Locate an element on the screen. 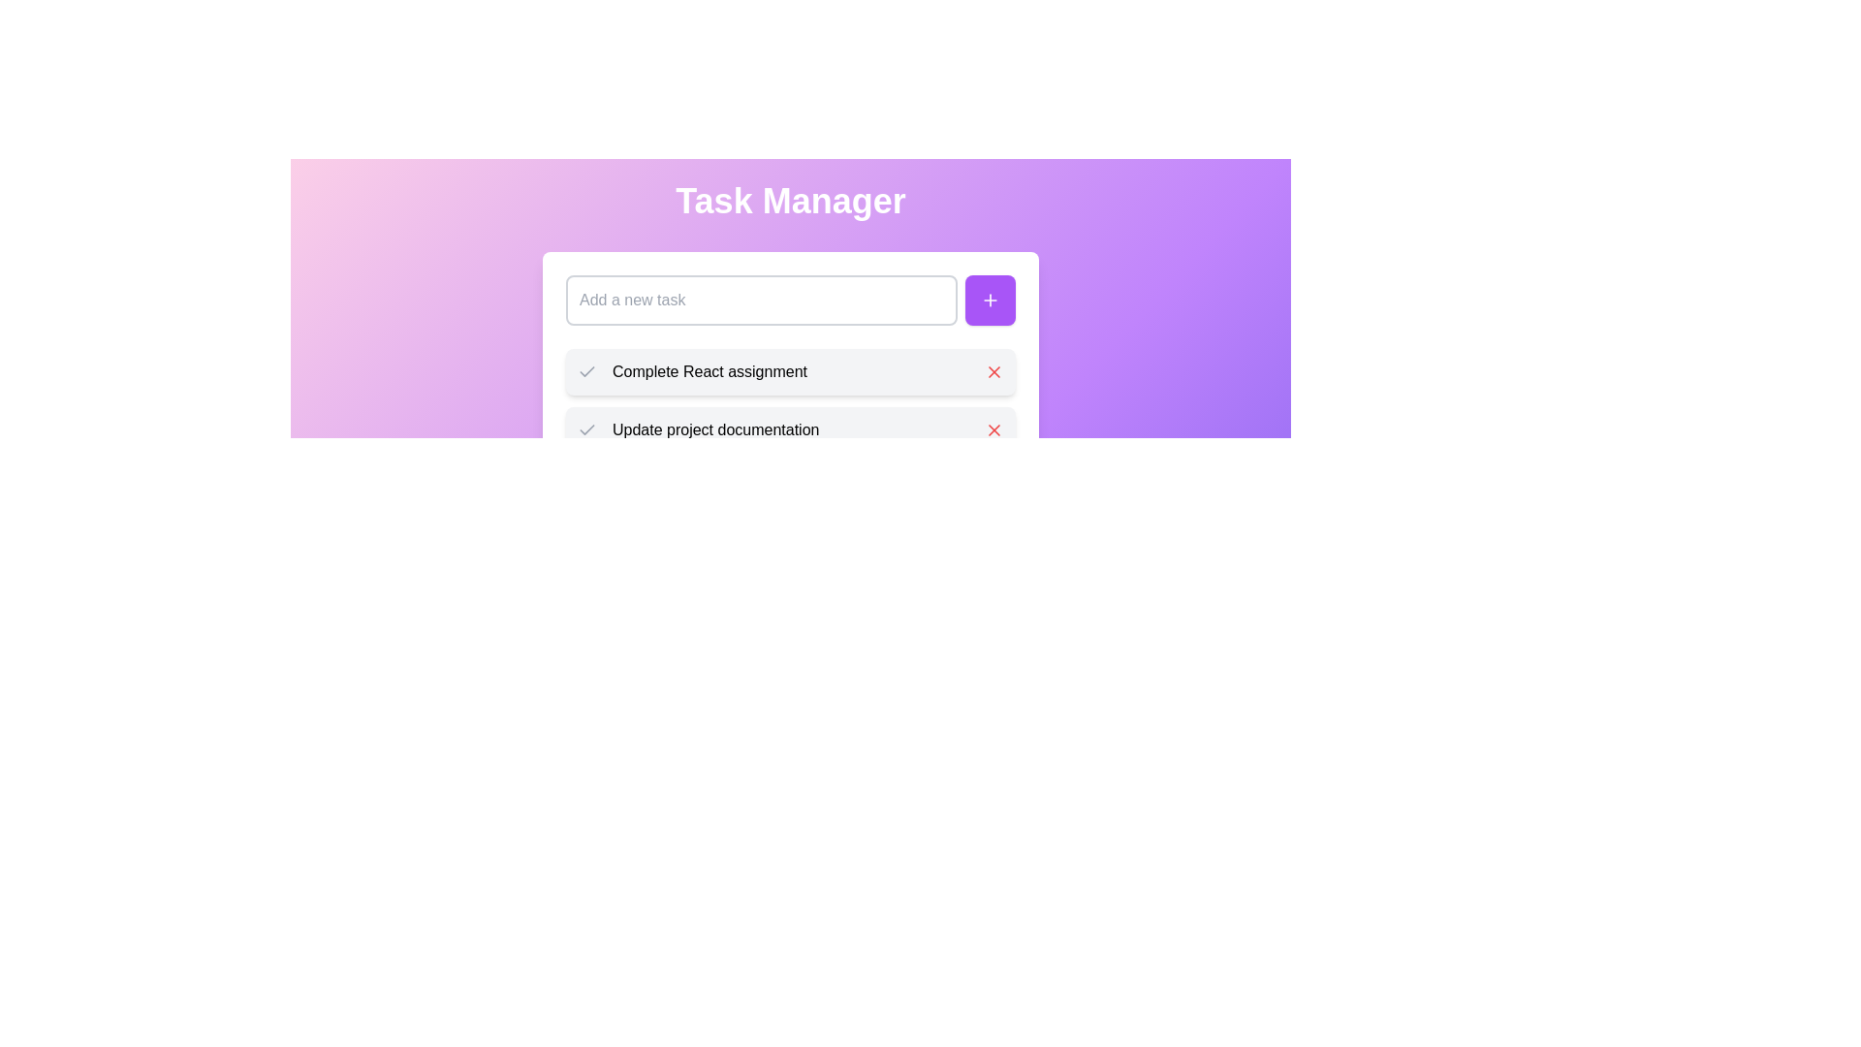 This screenshot has height=1047, width=1861. the text on the task card that has a light gray background and contains the text 'Complete React assignment', which is the first item in the task list of the 'Task Manager' is located at coordinates (791, 372).